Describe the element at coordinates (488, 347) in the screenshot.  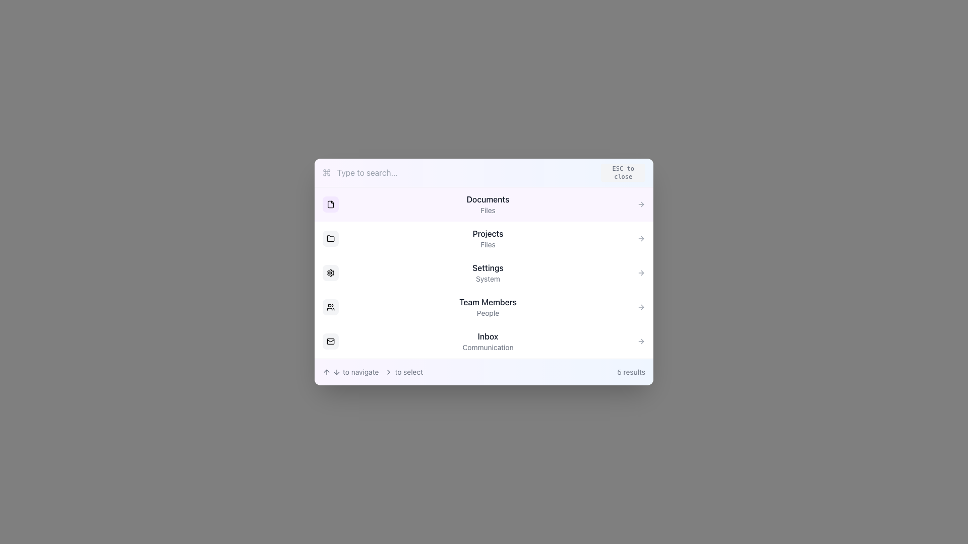
I see `the text label 'Communication', which is displayed in a smaller, gray-colored font beneath the larger 'Inbox' text, positioned centrally within the entry for 'Inbox'` at that location.